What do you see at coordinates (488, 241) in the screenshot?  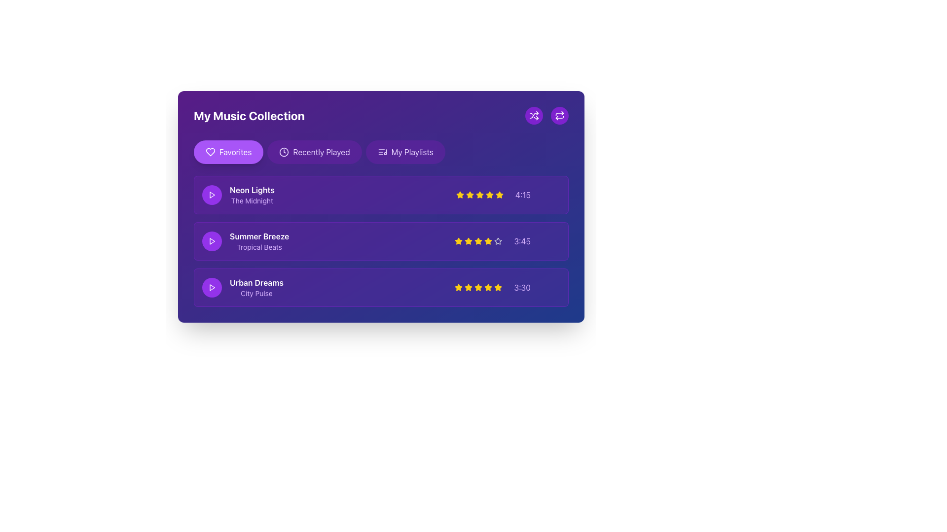 I see `the fourth rating star in the five-star rating system for the 'Summer Breeze' song` at bounding box center [488, 241].